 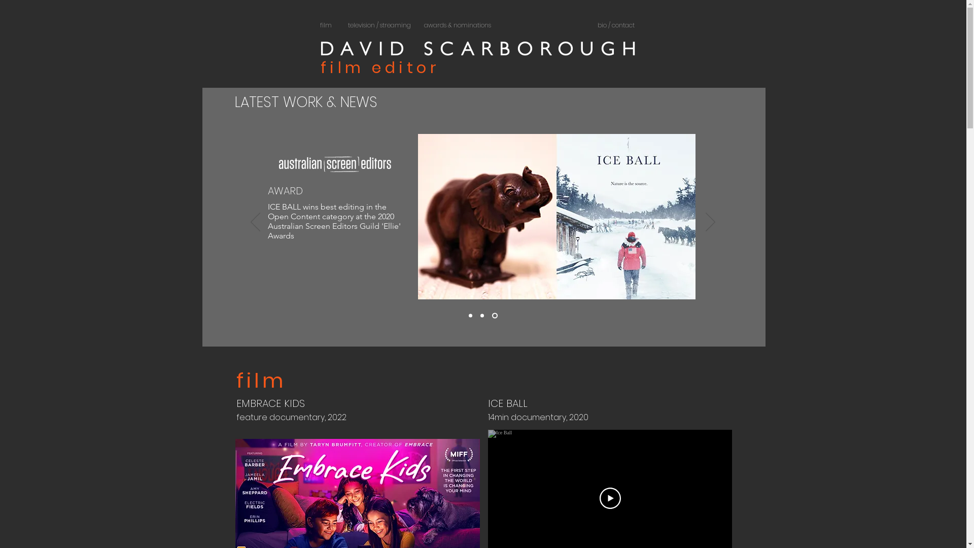 I want to click on 'bio / contact', so click(x=615, y=25).